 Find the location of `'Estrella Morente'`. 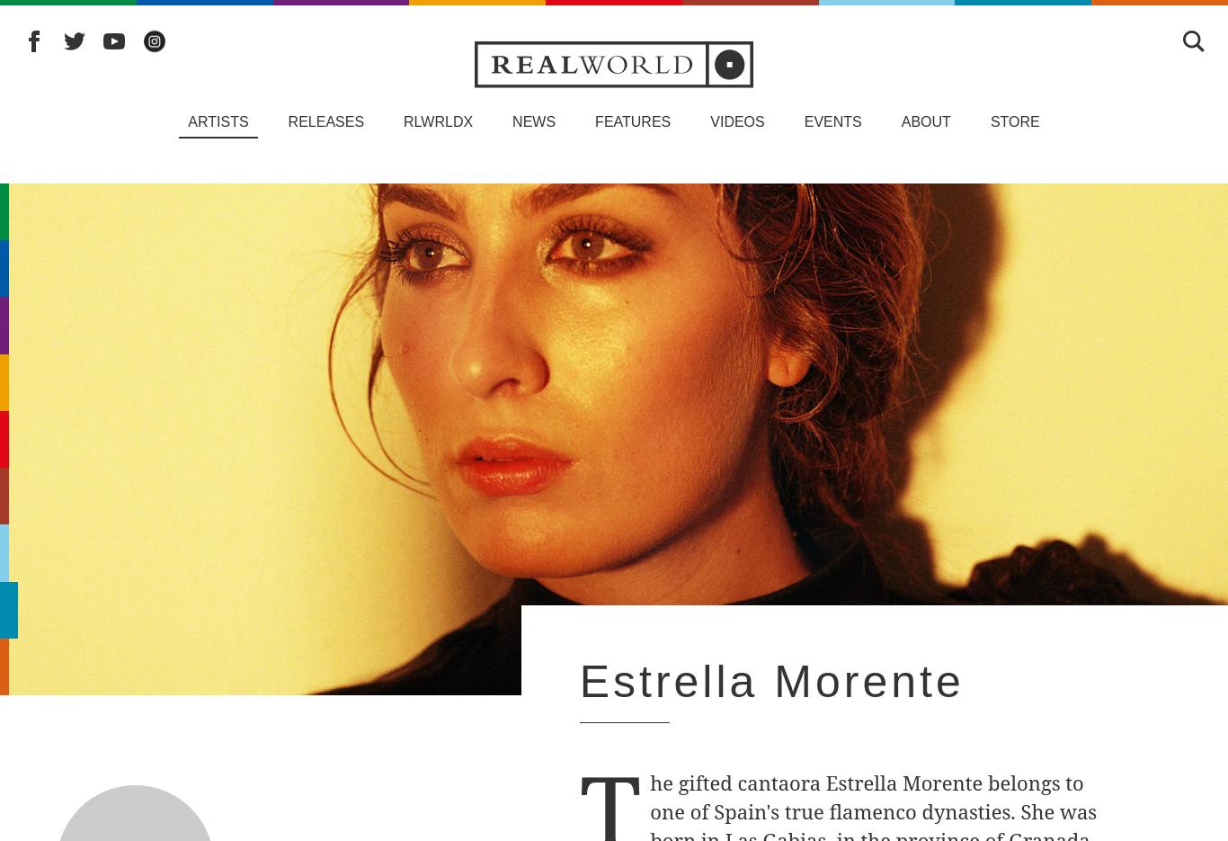

'Estrella Morente' is located at coordinates (770, 682).